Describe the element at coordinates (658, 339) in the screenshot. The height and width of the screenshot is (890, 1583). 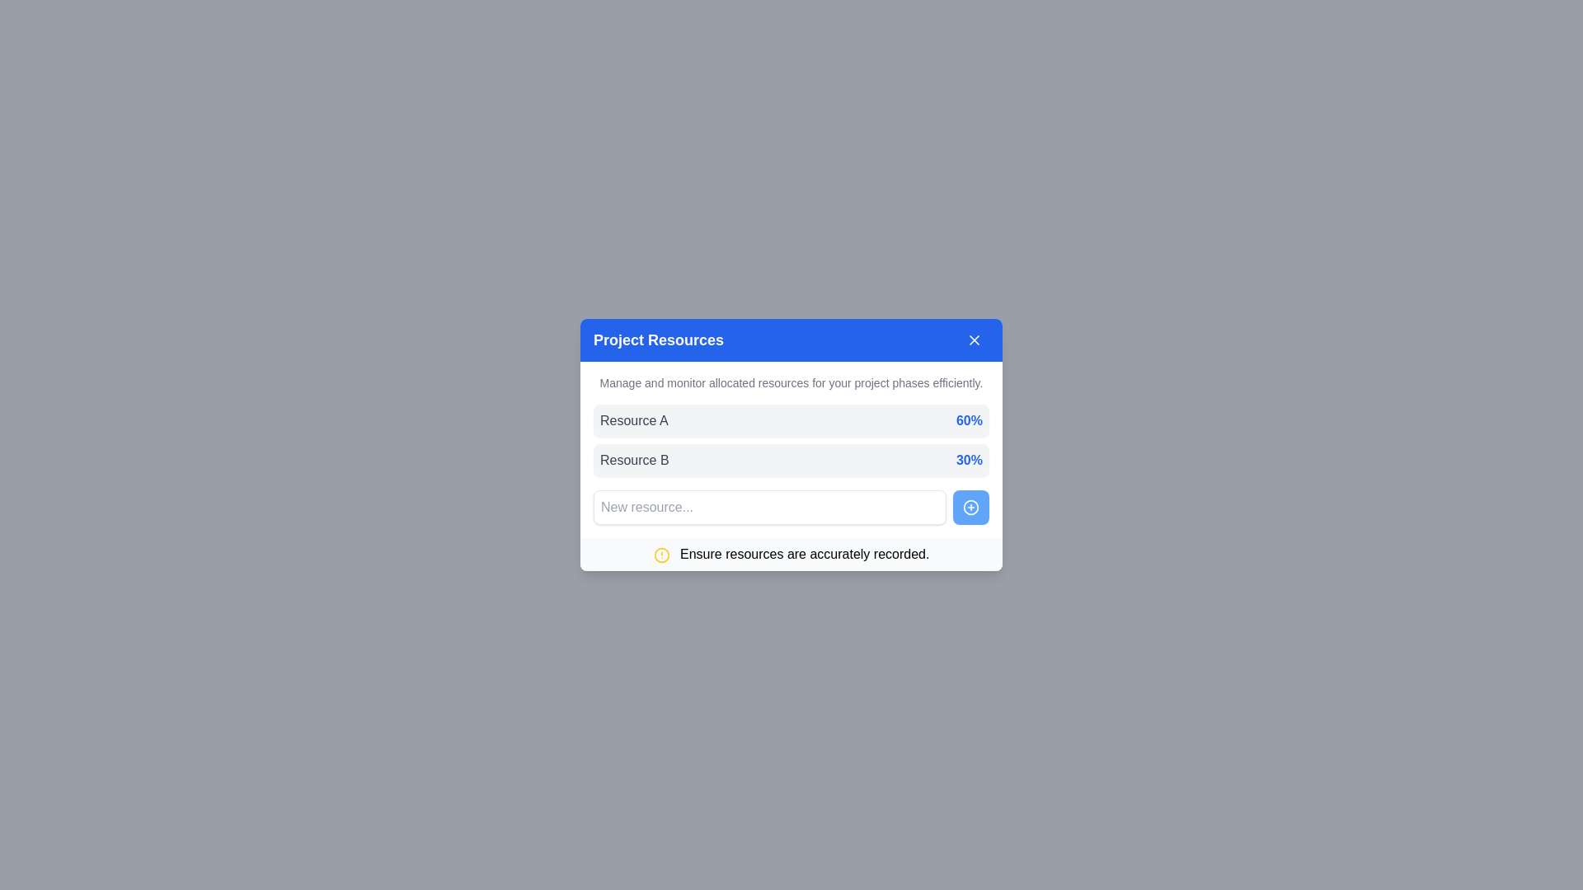
I see `the text label 'Project Resources' which is styled in bold white font on a blue background, located on the left side of the header box in the modal dialog` at that location.